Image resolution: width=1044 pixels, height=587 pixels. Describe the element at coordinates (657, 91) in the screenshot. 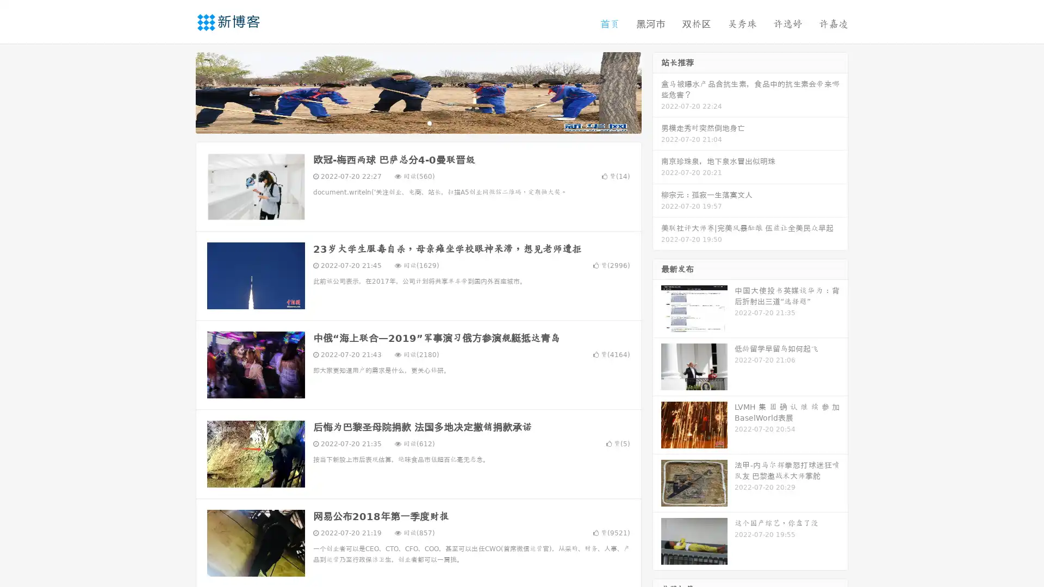

I see `Next slide` at that location.